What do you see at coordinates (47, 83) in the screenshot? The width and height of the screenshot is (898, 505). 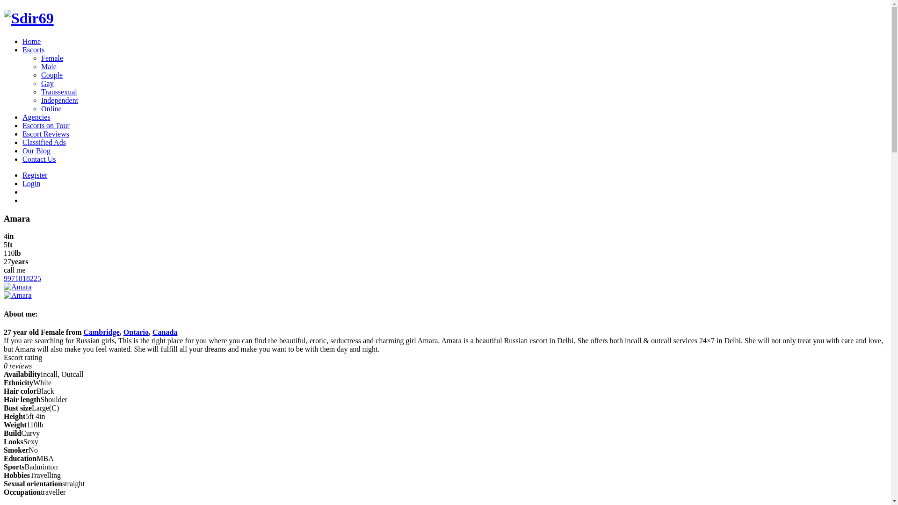 I see `'Gay'` at bounding box center [47, 83].